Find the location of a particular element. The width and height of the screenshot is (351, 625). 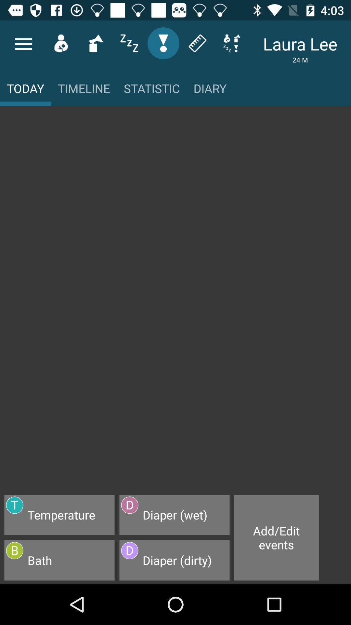

item at the bottom right corner is located at coordinates (276, 537).